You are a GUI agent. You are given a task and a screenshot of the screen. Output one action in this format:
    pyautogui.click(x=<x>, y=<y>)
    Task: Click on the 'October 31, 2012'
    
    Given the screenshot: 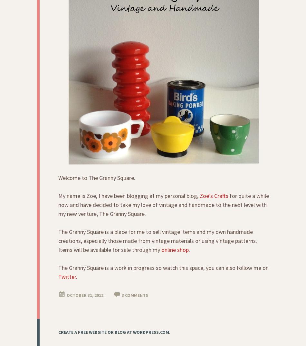 What is the action you would take?
    pyautogui.click(x=85, y=295)
    